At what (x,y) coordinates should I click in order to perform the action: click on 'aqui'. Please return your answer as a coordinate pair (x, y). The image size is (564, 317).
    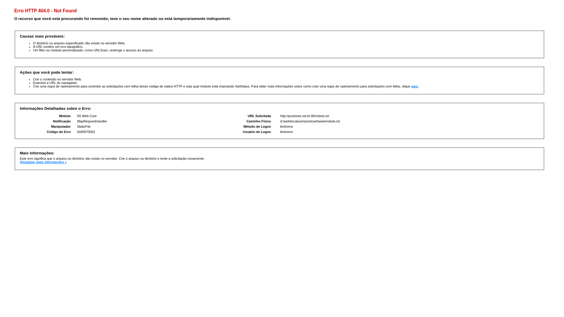
    Looking at the image, I should click on (414, 86).